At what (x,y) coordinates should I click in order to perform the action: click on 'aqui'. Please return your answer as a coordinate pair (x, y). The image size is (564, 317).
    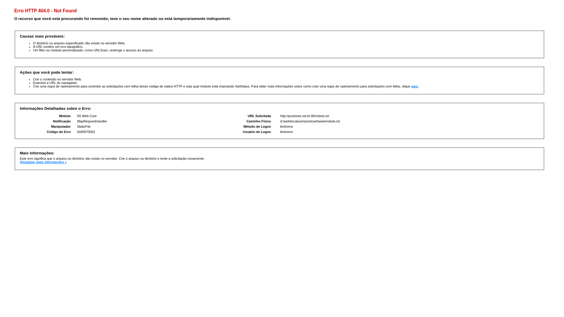
    Looking at the image, I should click on (414, 86).